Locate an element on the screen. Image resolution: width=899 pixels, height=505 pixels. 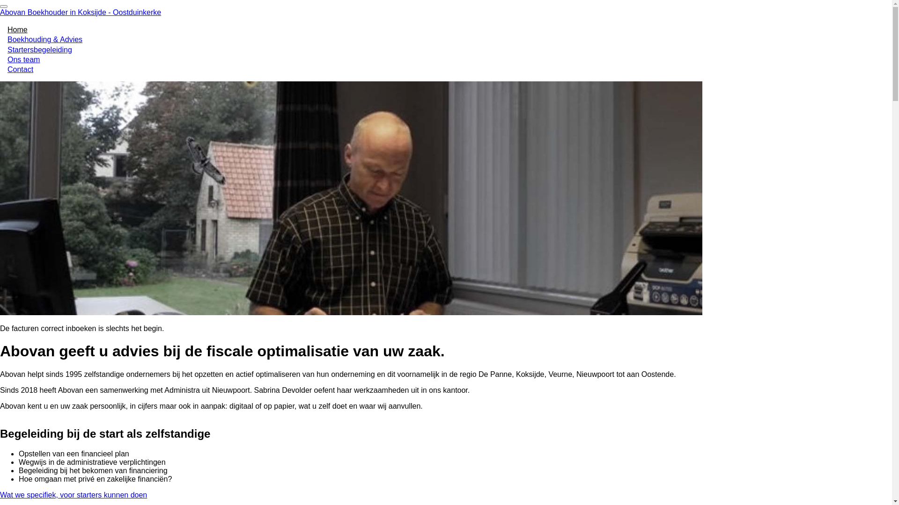
'Home' is located at coordinates (7, 29).